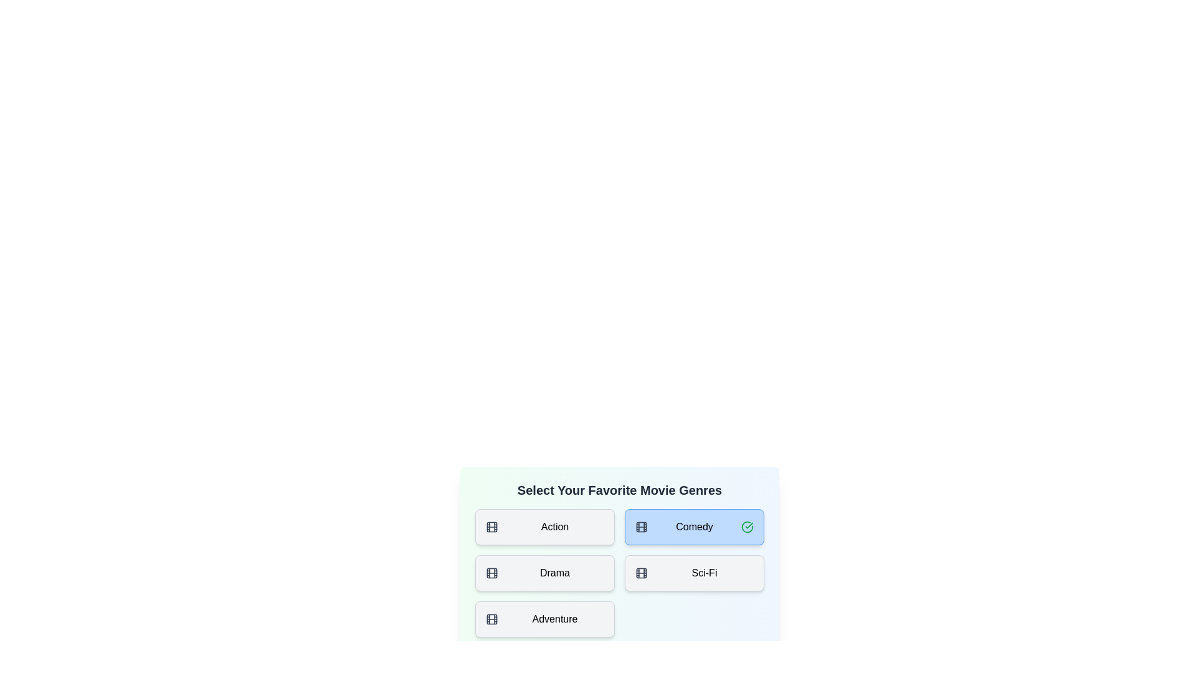  What do you see at coordinates (642, 573) in the screenshot?
I see `the icon for the genre Sci-Fi` at bounding box center [642, 573].